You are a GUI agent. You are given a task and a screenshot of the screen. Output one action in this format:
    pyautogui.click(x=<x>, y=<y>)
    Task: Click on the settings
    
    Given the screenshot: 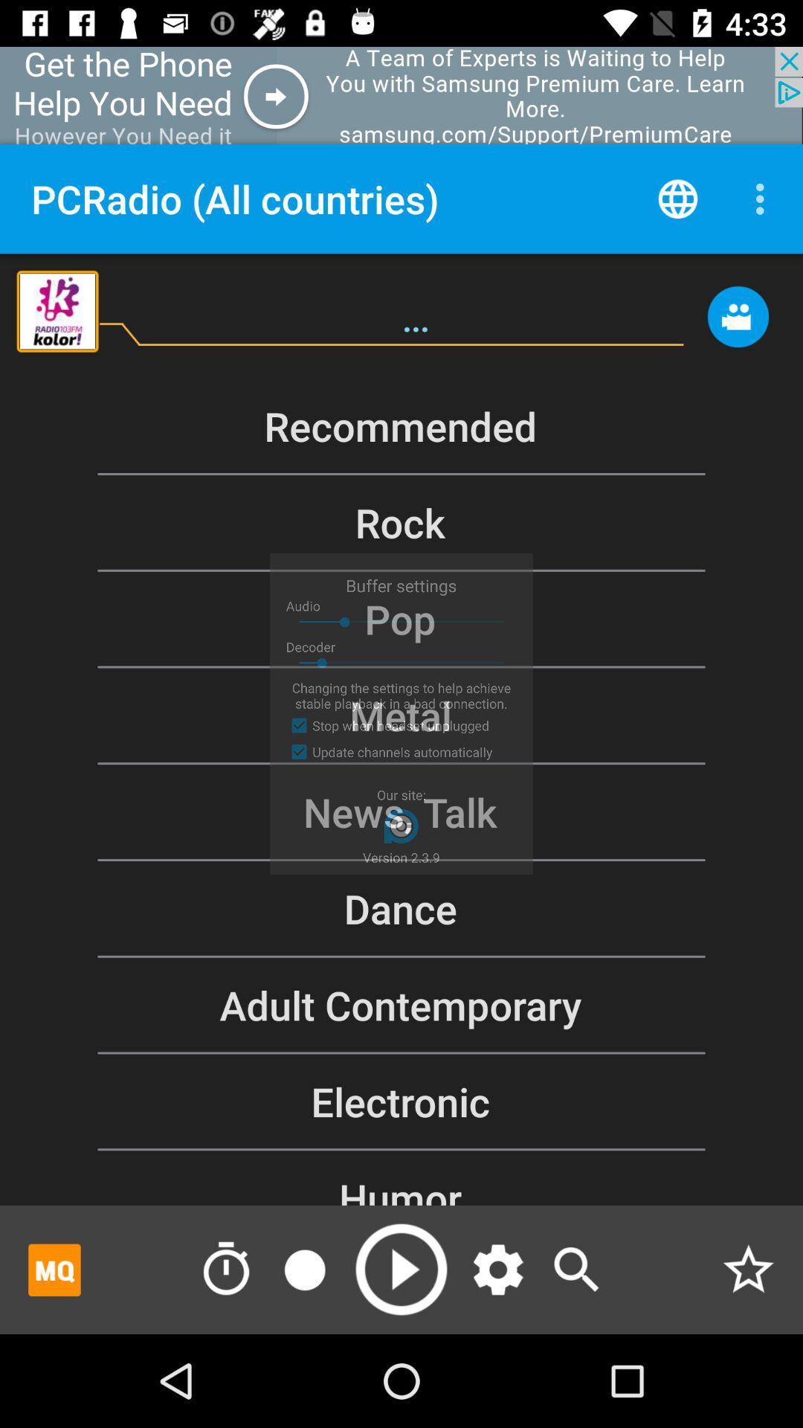 What is the action you would take?
    pyautogui.click(x=498, y=1269)
    